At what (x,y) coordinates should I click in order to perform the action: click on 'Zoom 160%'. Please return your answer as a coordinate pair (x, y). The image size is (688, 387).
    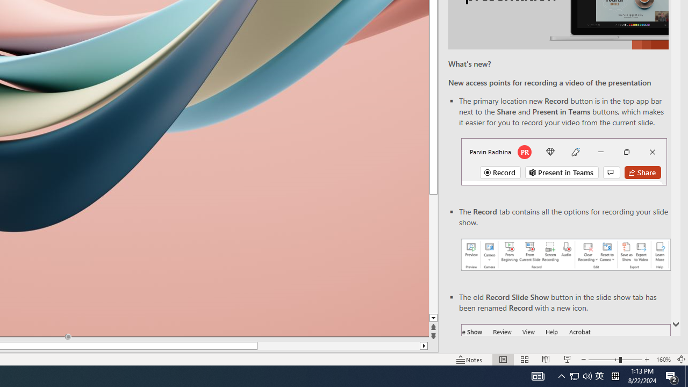
    Looking at the image, I should click on (663, 360).